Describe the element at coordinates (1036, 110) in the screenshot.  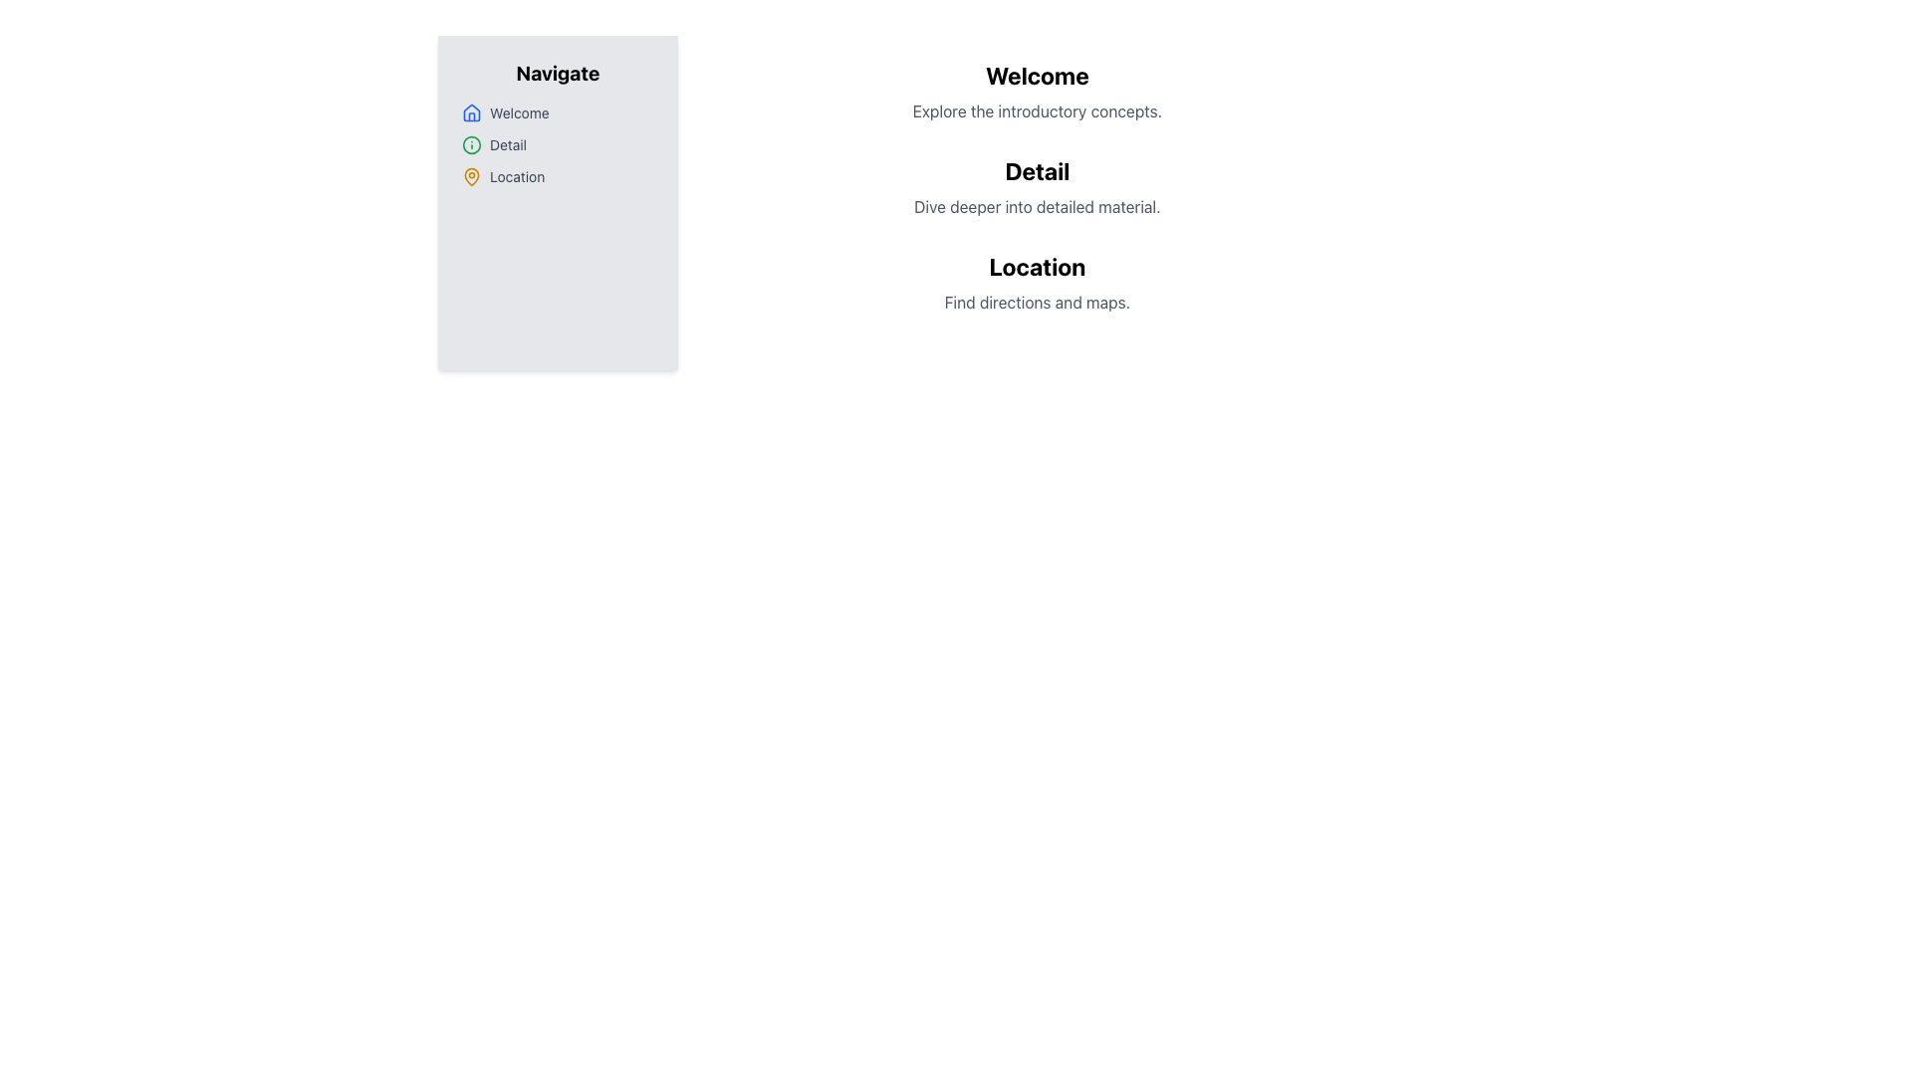
I see `the text element styled with gray text that contains the text 'Explore the introductory concepts.', which is positioned directly beneath the 'Welcome' header` at that location.